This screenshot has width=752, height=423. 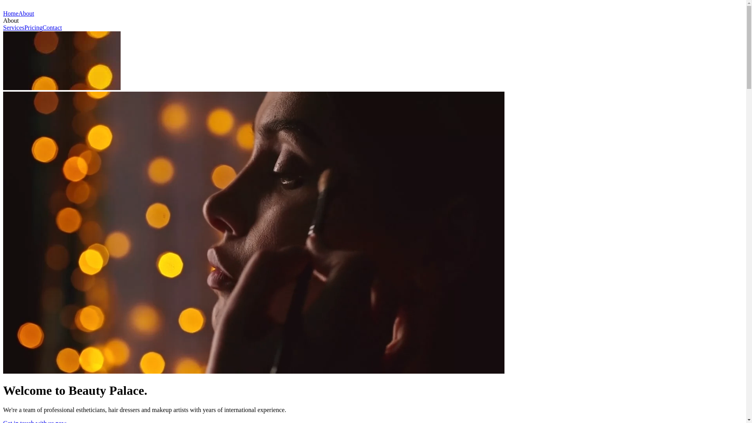 I want to click on 'Home', so click(x=3, y=13).